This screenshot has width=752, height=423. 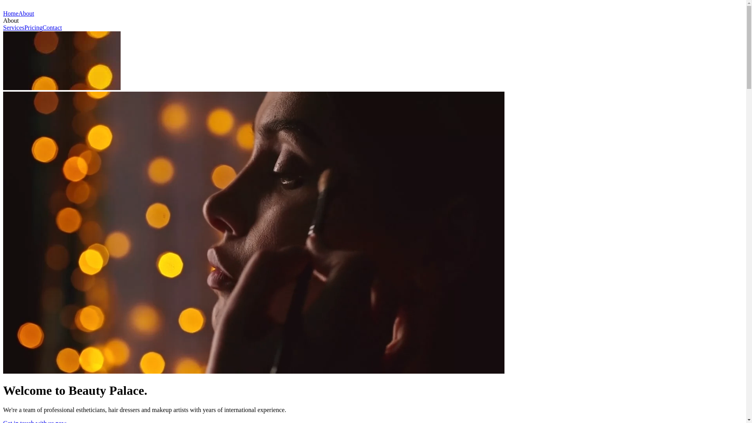 I want to click on 'Home', so click(x=3, y=13).